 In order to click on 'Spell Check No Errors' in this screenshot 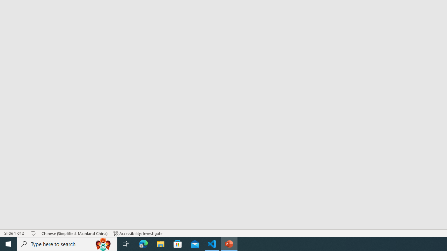, I will do `click(33, 233)`.